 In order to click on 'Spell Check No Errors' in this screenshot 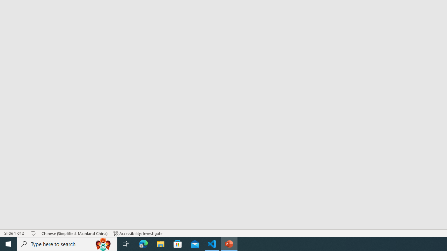, I will do `click(33, 233)`.